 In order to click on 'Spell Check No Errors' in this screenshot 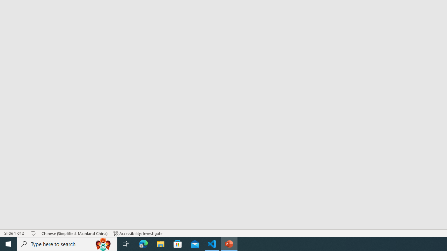, I will do `click(33, 233)`.